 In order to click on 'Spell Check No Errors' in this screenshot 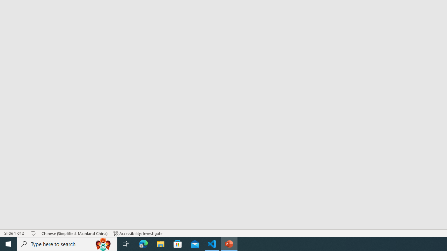, I will do `click(33, 233)`.